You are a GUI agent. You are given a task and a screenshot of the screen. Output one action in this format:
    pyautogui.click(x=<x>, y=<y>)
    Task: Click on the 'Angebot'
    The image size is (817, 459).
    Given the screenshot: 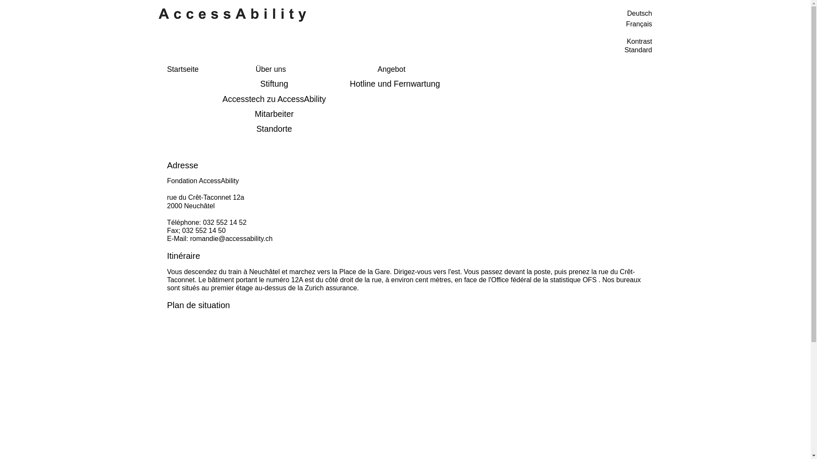 What is the action you would take?
    pyautogui.click(x=391, y=69)
    